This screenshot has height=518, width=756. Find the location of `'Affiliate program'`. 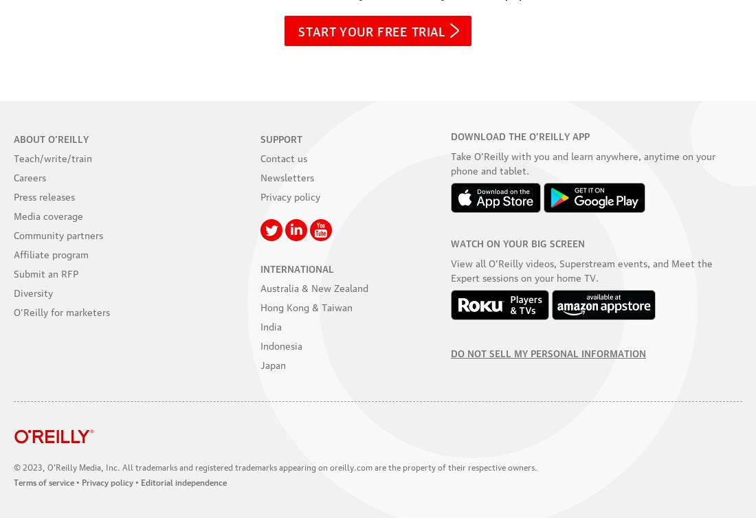

'Affiliate program' is located at coordinates (51, 252).